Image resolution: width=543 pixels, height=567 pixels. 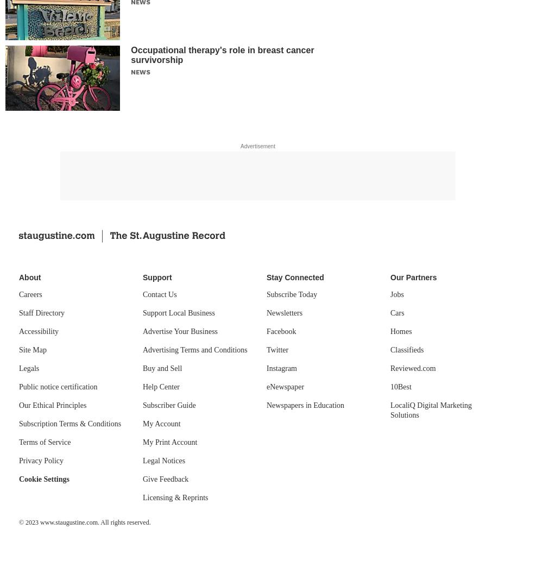 I want to click on 'Accessibility', so click(x=19, y=331).